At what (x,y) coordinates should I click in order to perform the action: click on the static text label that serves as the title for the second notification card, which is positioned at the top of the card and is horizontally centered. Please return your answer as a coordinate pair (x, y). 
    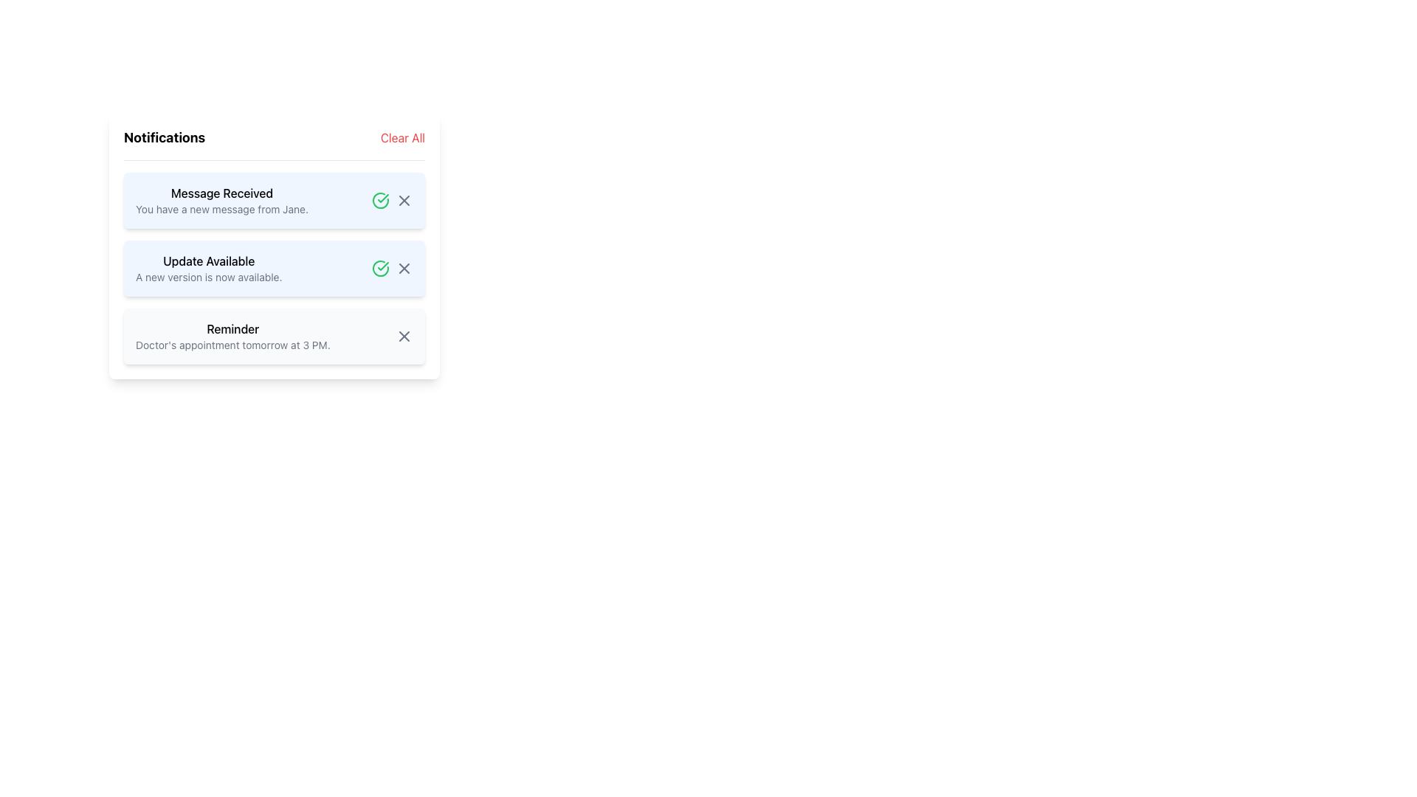
    Looking at the image, I should click on (208, 261).